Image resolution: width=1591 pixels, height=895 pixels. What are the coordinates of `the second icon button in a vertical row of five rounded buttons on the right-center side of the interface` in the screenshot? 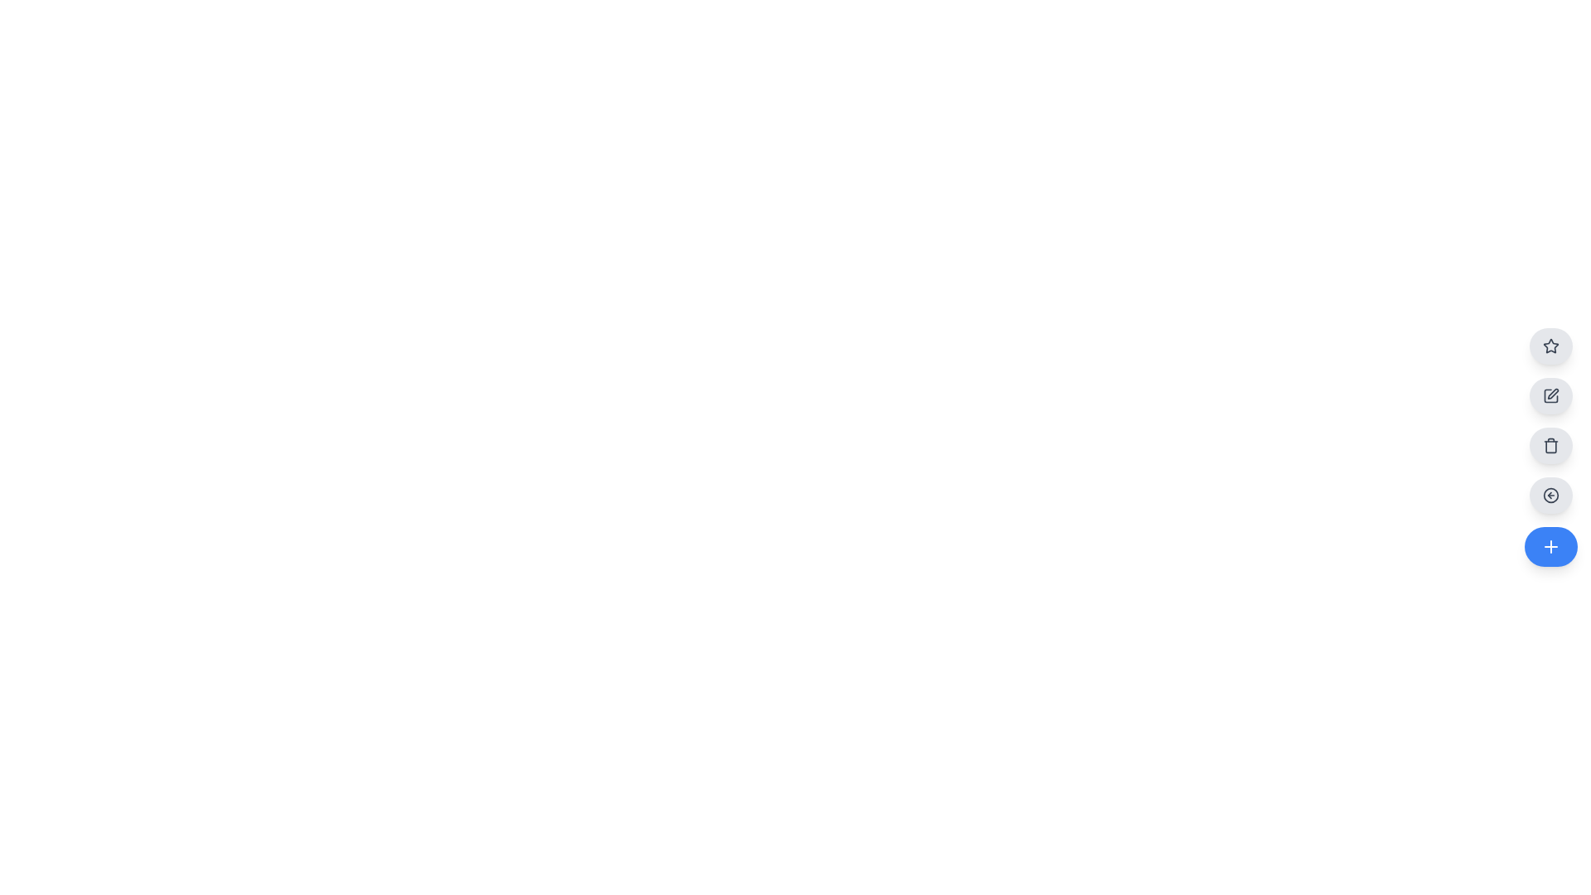 It's located at (1552, 394).